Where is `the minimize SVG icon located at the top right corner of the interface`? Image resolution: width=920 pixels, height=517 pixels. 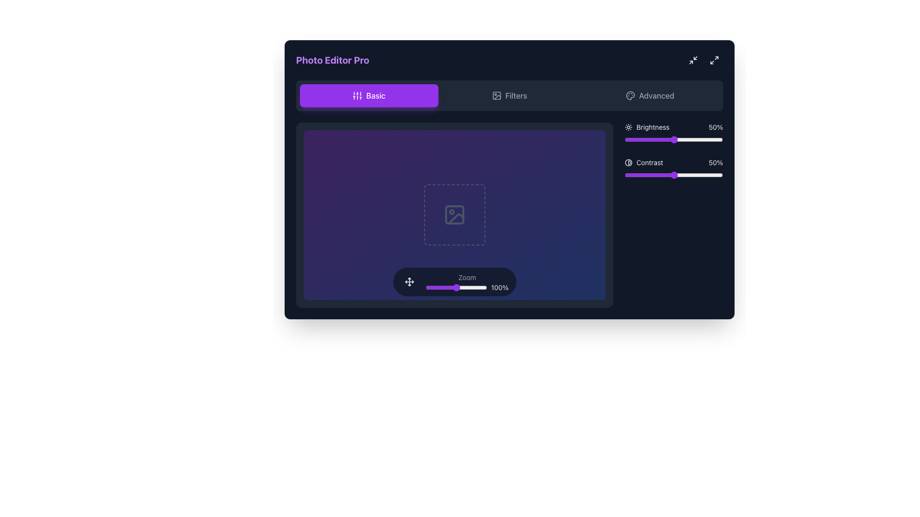 the minimize SVG icon located at the top right corner of the interface is located at coordinates (693, 60).